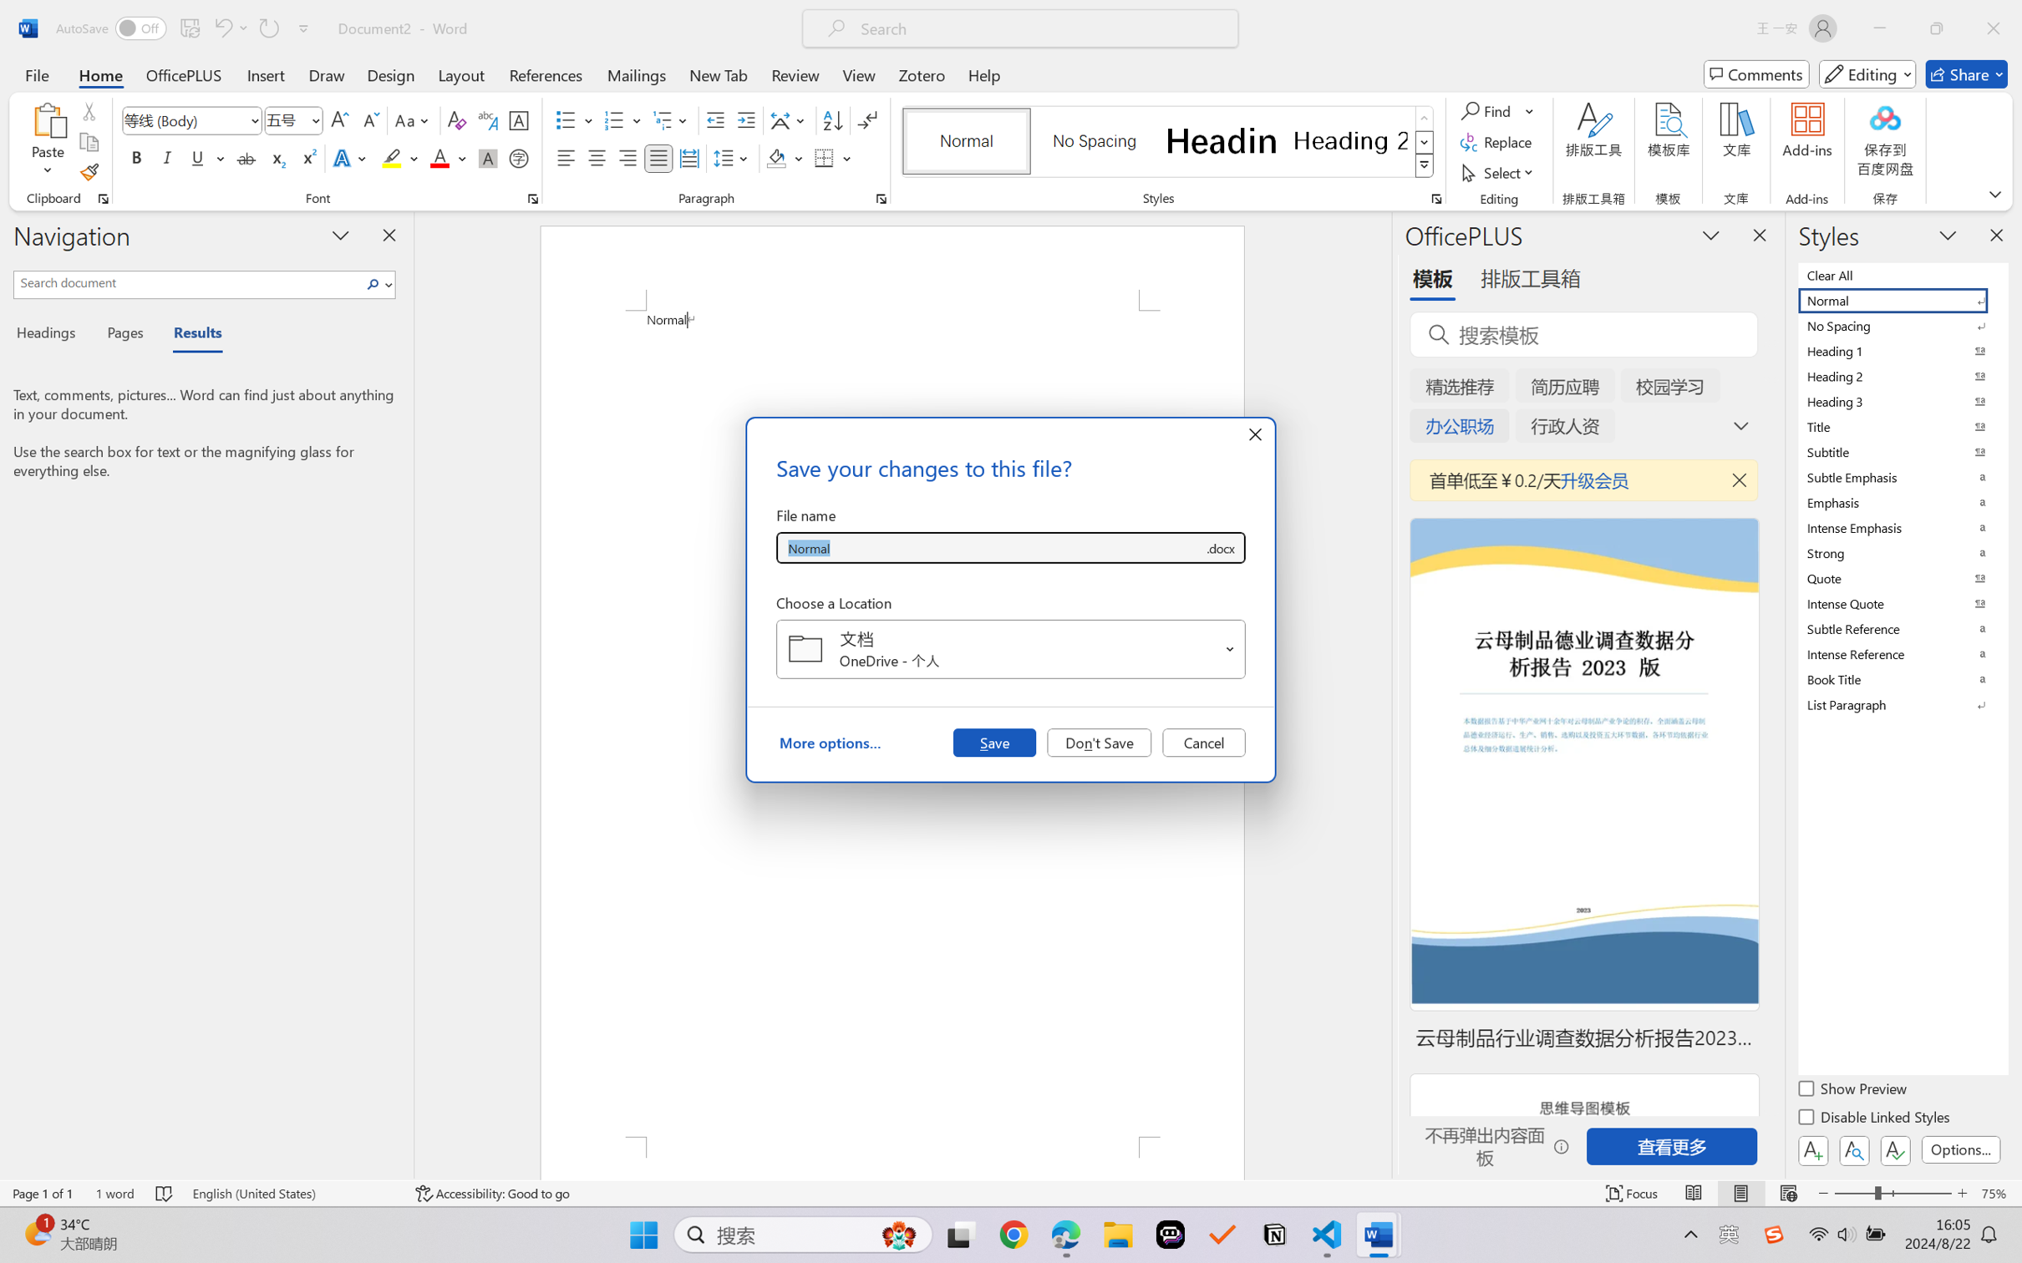 The image size is (2022, 1263). I want to click on 'Decrease Indent', so click(715, 120).